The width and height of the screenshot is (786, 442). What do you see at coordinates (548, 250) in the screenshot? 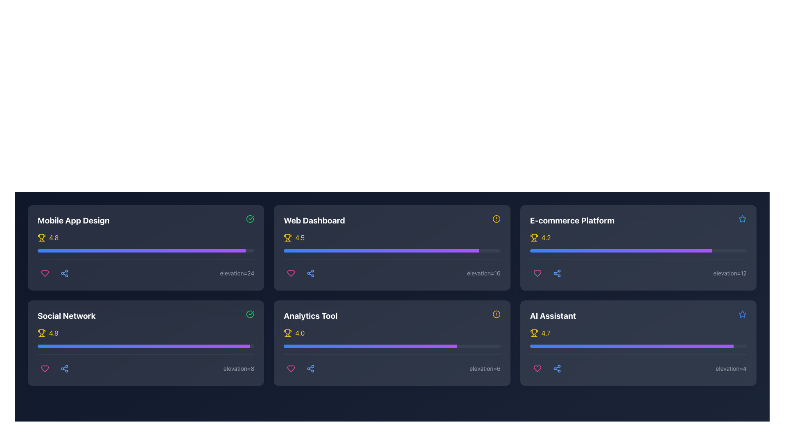
I see `the progress bar value` at bounding box center [548, 250].